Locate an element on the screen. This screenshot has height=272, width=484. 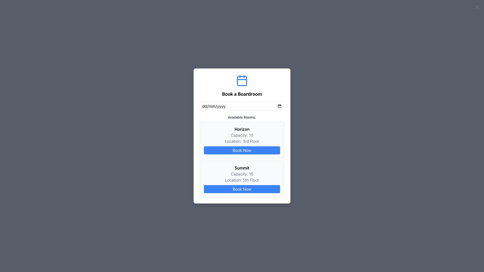
the text label displaying 'Available Rooms:' which is centrally aligned below the date input field is located at coordinates (242, 117).